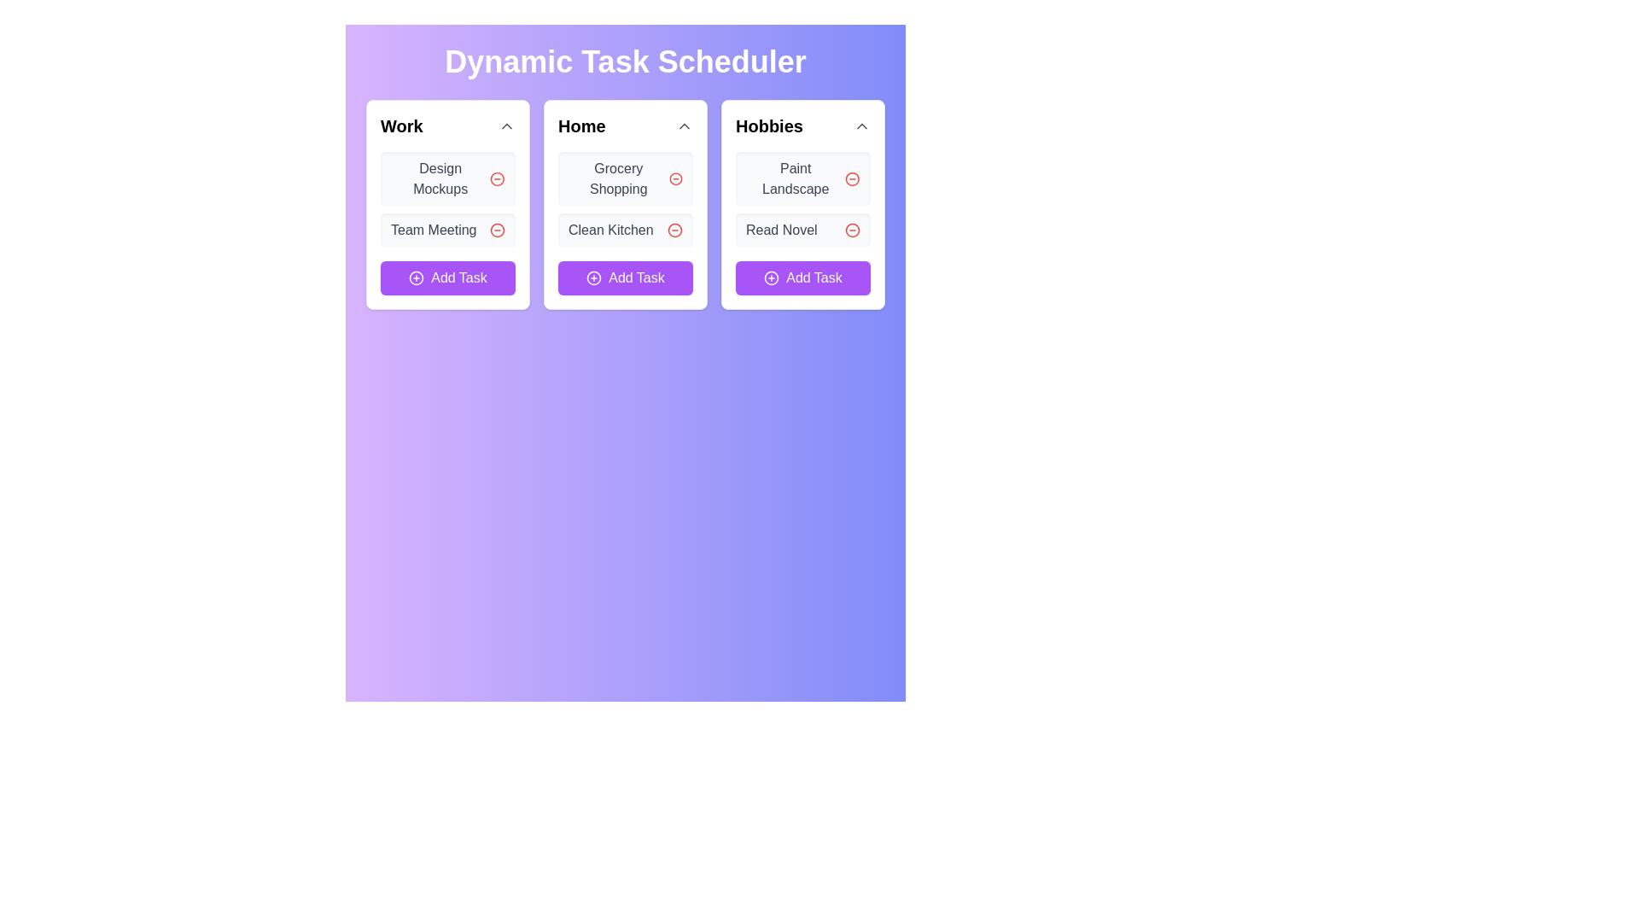 Image resolution: width=1639 pixels, height=922 pixels. What do you see at coordinates (625, 178) in the screenshot?
I see `the Task Card titled 'Grocery Shopping' located in the middle column, which is the first card under the 'Home' section header` at bounding box center [625, 178].